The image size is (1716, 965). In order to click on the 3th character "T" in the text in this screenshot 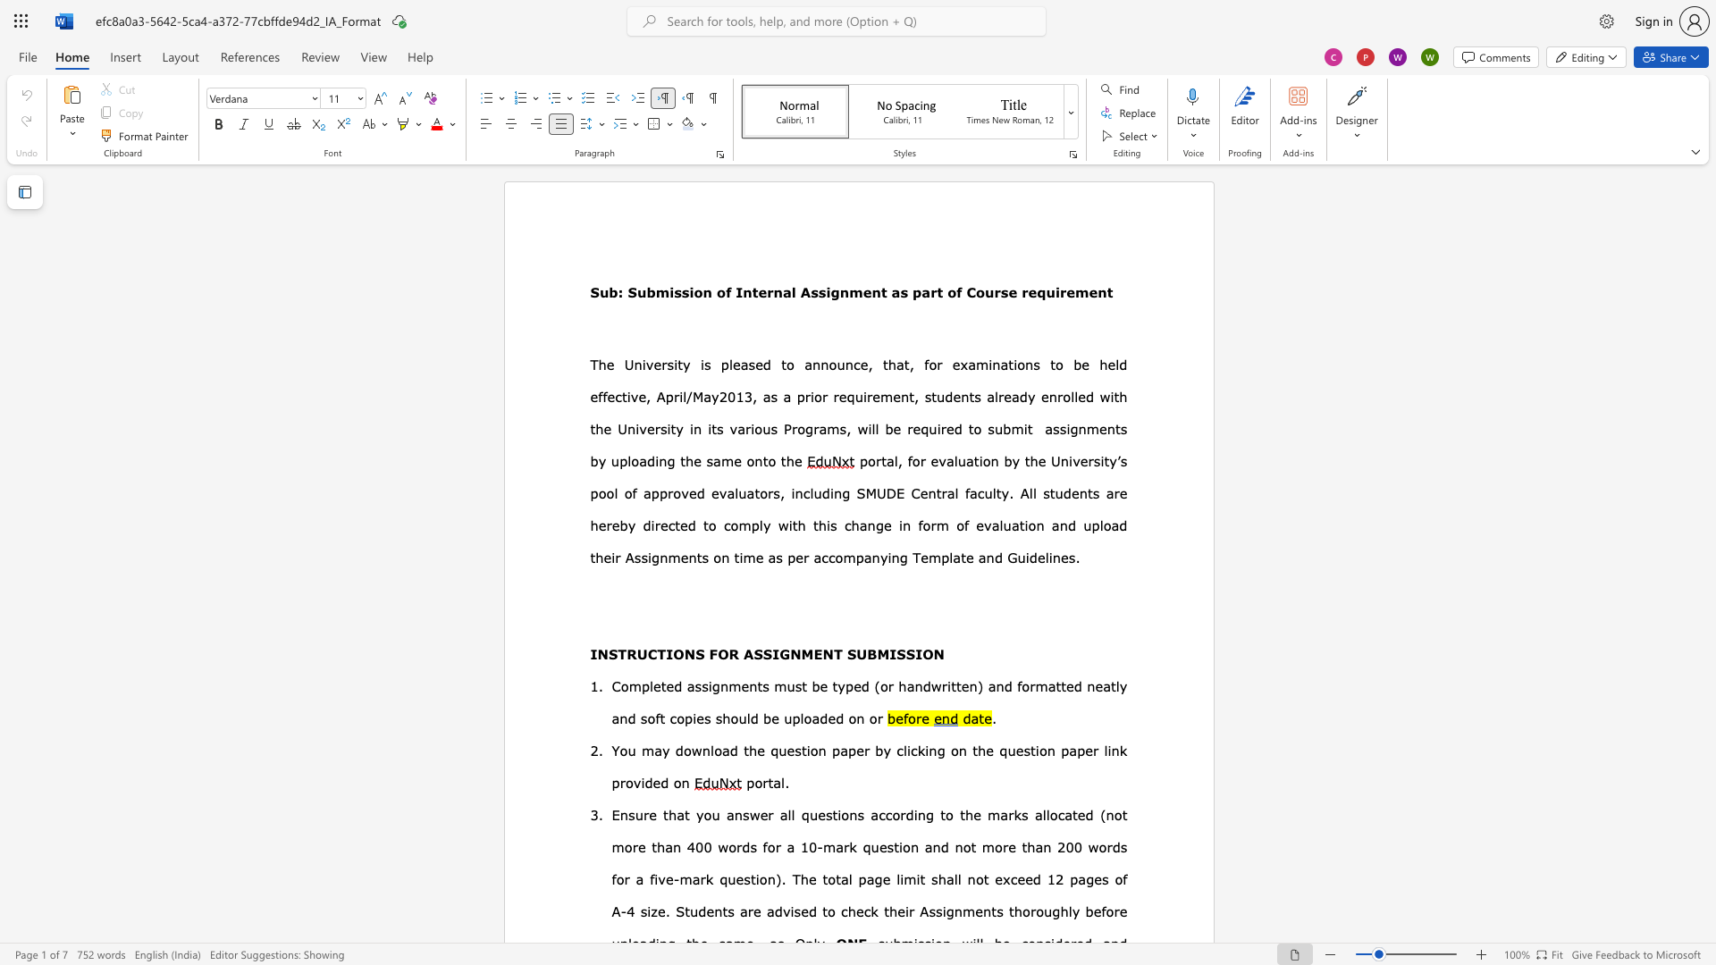, I will do `click(837, 654)`.